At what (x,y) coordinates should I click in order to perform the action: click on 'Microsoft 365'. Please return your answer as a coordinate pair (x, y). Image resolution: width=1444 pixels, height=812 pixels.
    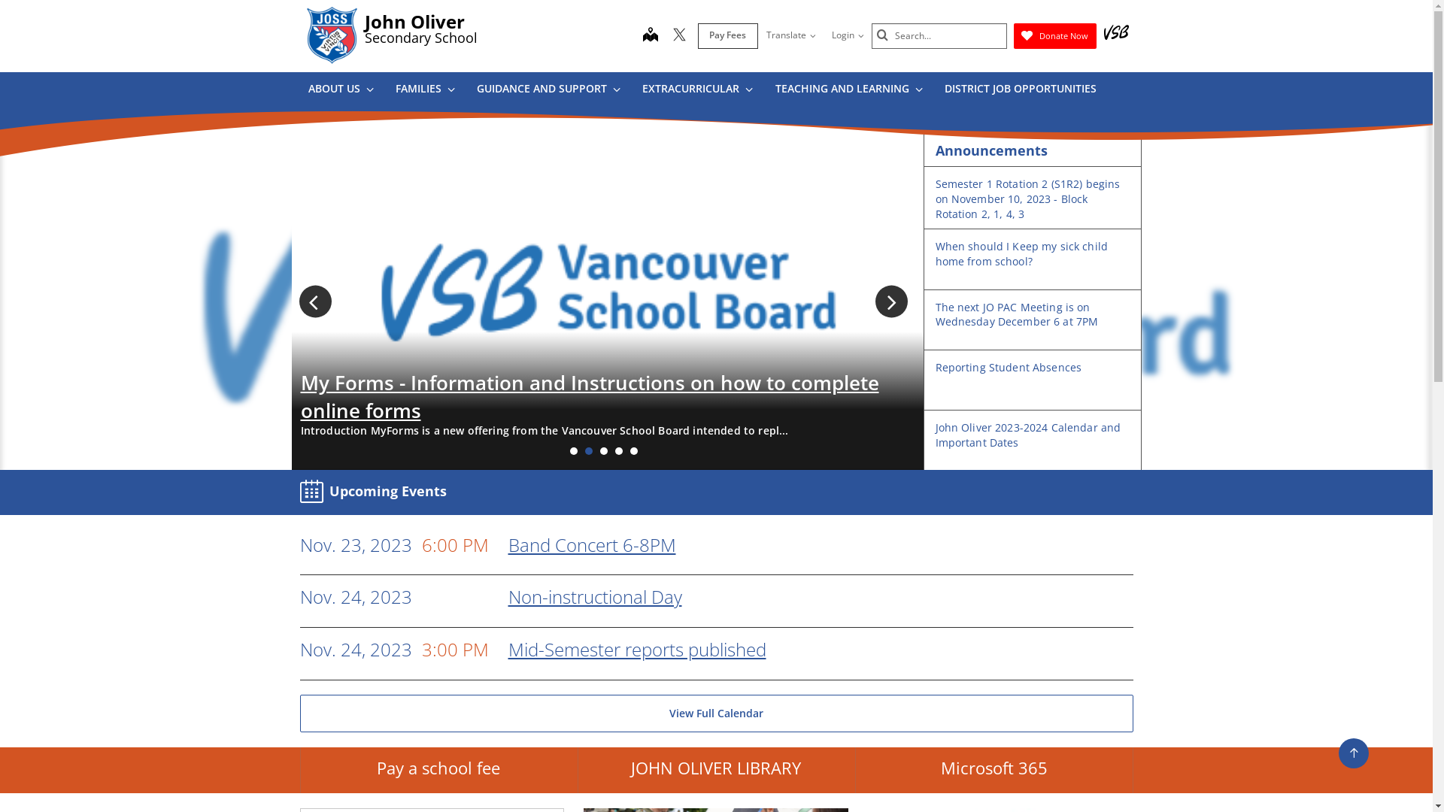
    Looking at the image, I should click on (994, 771).